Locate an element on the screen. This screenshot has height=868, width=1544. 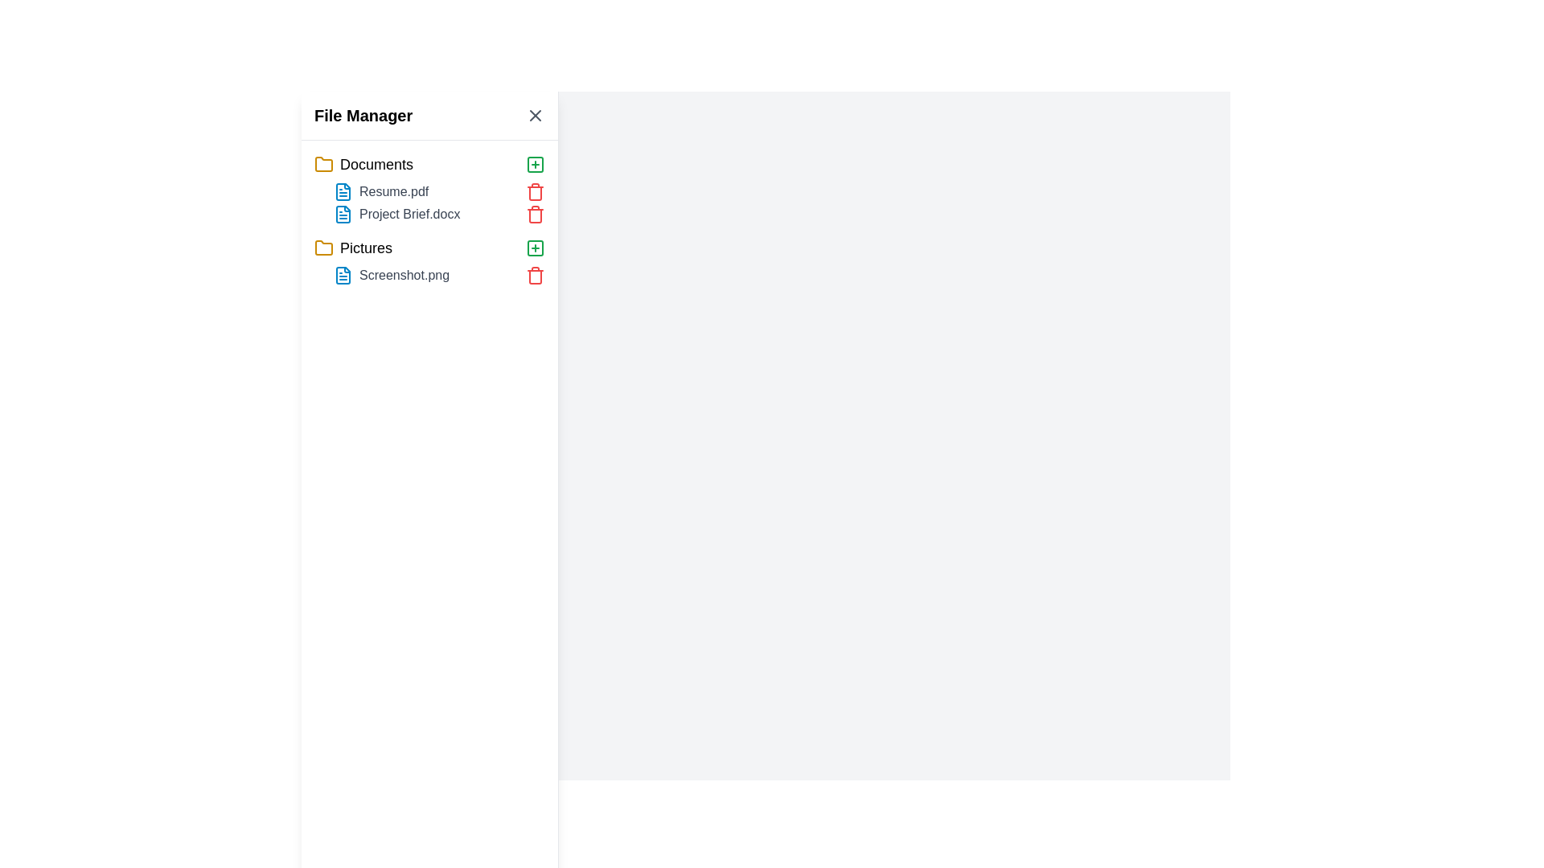
the Interactive Add Button, which is a square icon with a green border and a plus symbol, located near the right side of the 'Documents' text is located at coordinates (536, 164).